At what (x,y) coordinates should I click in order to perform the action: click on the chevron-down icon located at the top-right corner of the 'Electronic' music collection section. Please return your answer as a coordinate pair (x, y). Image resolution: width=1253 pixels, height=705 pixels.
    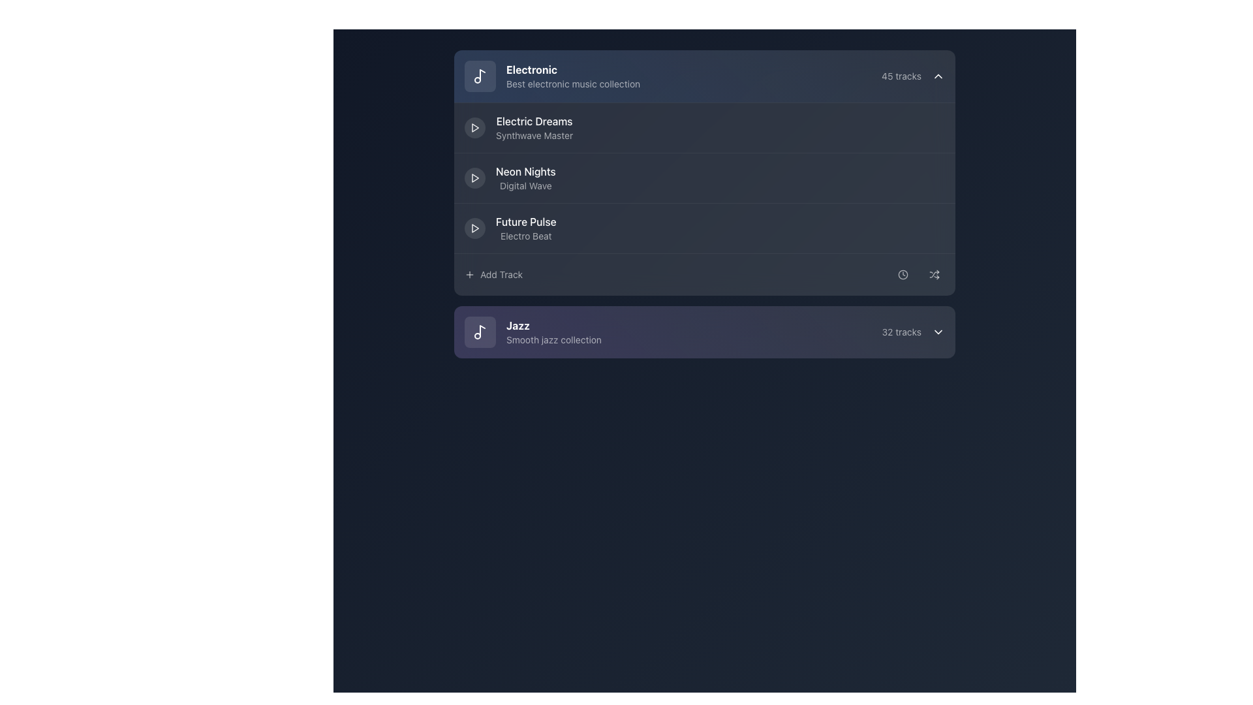
    Looking at the image, I should click on (938, 76).